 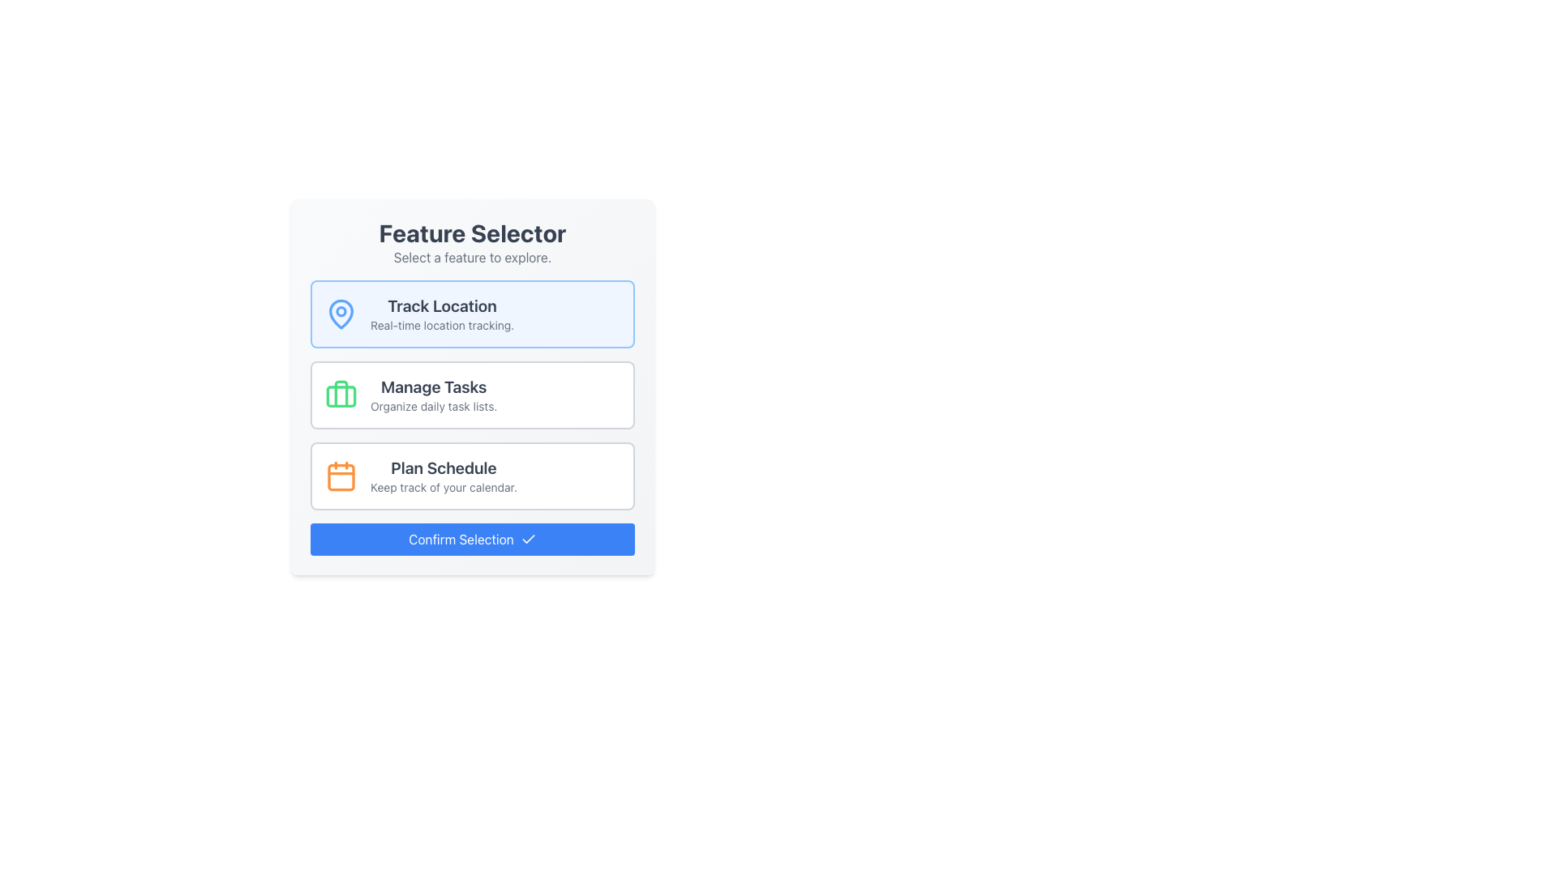 What do you see at coordinates (444, 468) in the screenshot?
I see `the 'Plan Schedule' title text label, which is located in the third rectangular feature selector box from the top, positioned above the supplementary text 'Keep track of your calendar.' and next to an orange calendar icon` at bounding box center [444, 468].